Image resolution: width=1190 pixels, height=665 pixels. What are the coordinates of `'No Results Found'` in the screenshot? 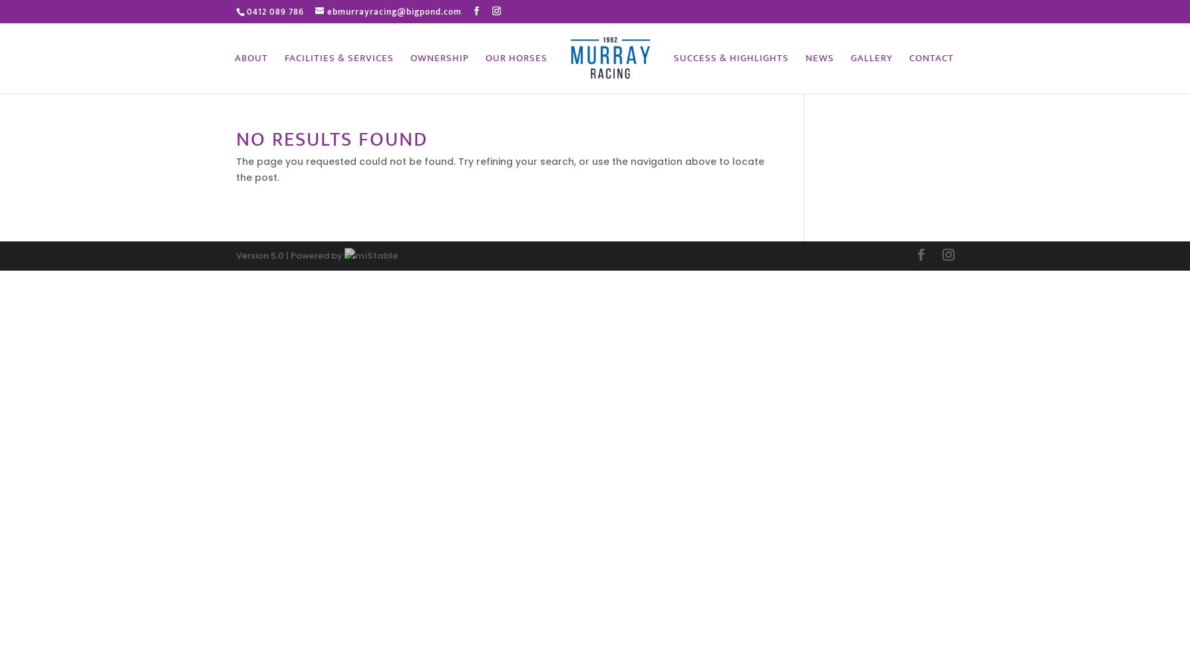 It's located at (331, 139).